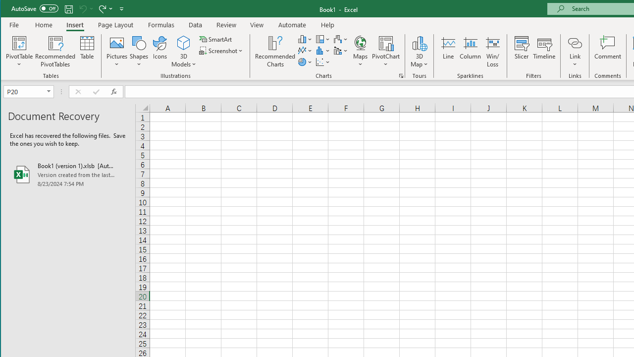 Image resolution: width=634 pixels, height=357 pixels. Describe the element at coordinates (521, 52) in the screenshot. I see `'Slicer...'` at that location.